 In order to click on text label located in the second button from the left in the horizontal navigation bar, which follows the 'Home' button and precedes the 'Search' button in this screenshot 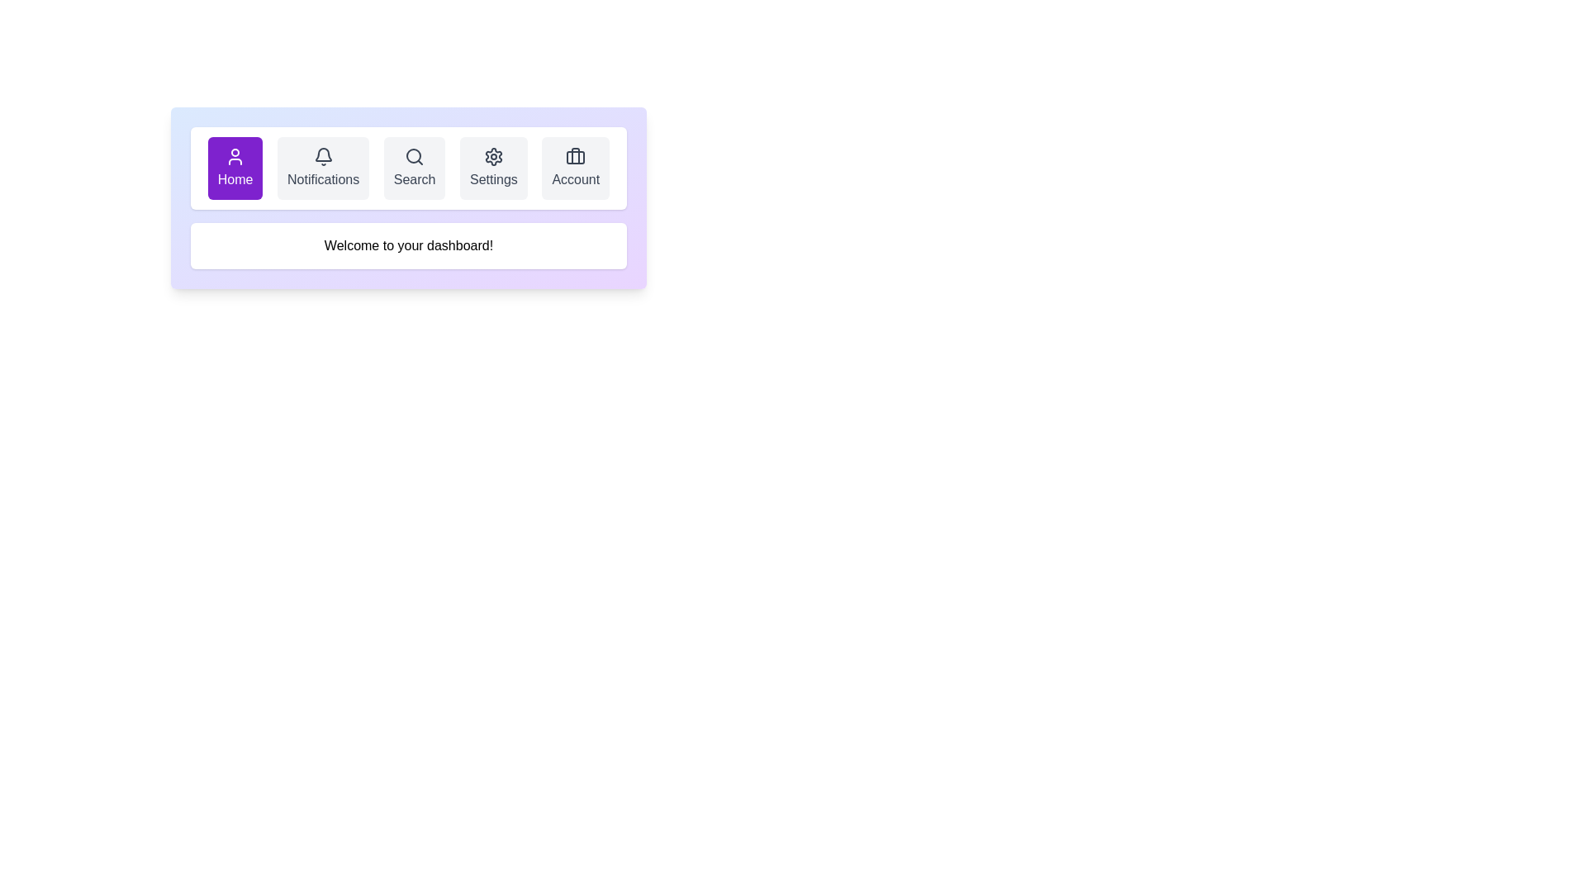, I will do `click(323, 180)`.